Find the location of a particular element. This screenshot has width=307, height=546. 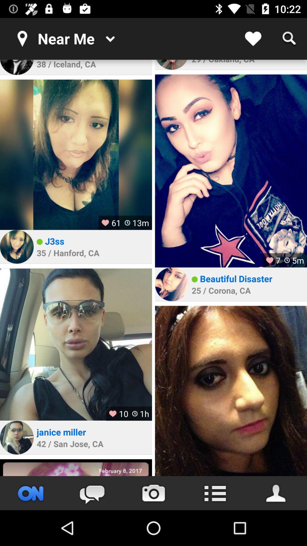

the list icon is located at coordinates (215, 493).